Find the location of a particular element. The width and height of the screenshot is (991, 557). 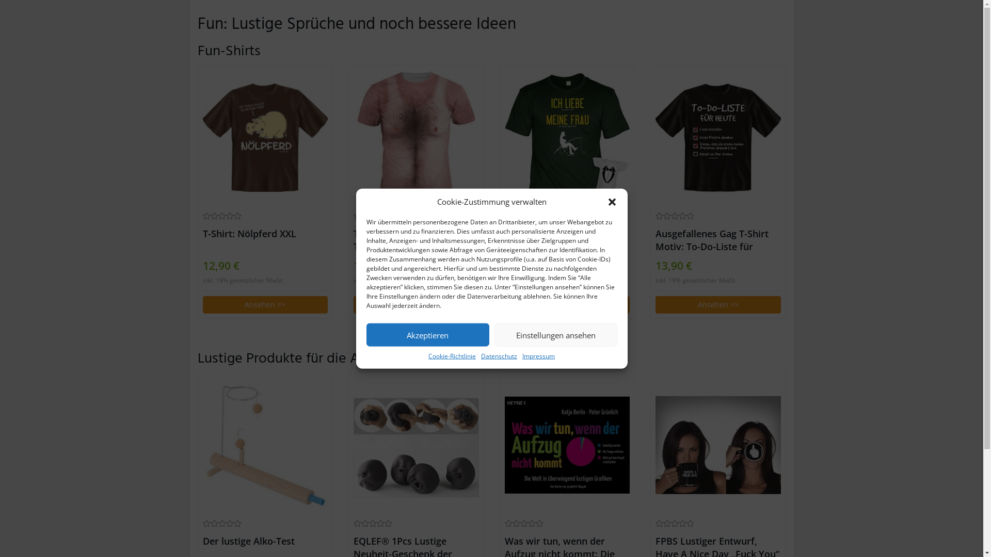

'Datenschutz' is located at coordinates (499, 355).